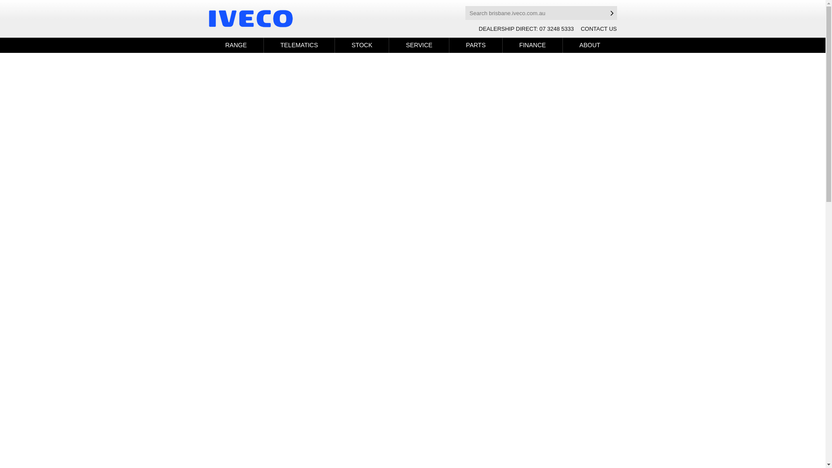  I want to click on 'RANGE', so click(236, 45).